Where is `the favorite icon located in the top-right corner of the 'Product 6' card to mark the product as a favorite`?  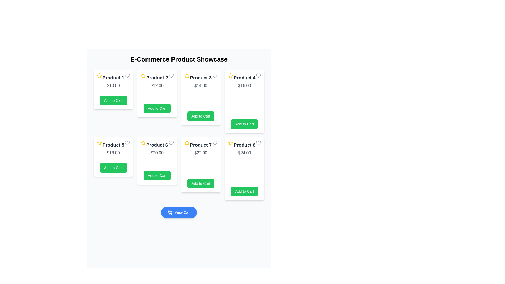
the favorite icon located in the top-right corner of the 'Product 6' card to mark the product as a favorite is located at coordinates (171, 143).